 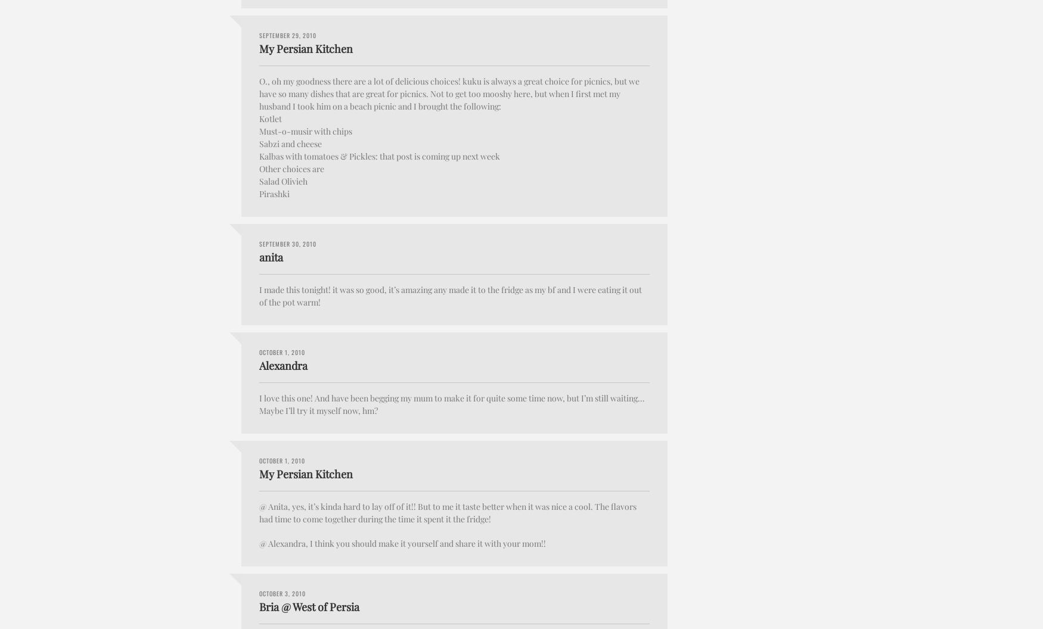 What do you see at coordinates (259, 403) in the screenshot?
I see `'I love this one! And have been begging my mum to make it for quite some time now, but I’m still waiting… Maybe I’ll try it myself now, hm?'` at bounding box center [259, 403].